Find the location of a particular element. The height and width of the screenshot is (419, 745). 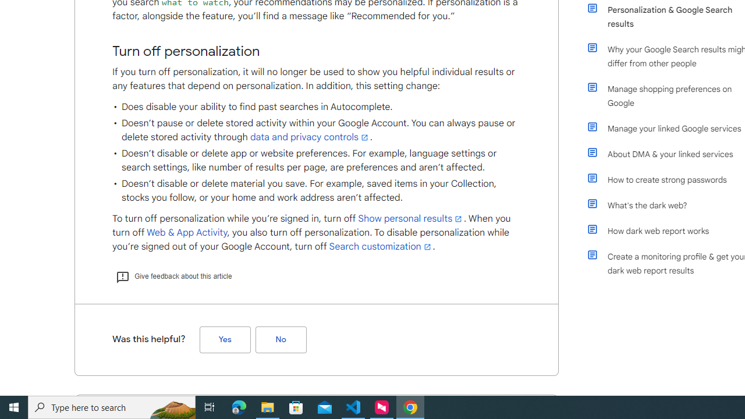

'Give feedback about this article' is located at coordinates (173, 276).